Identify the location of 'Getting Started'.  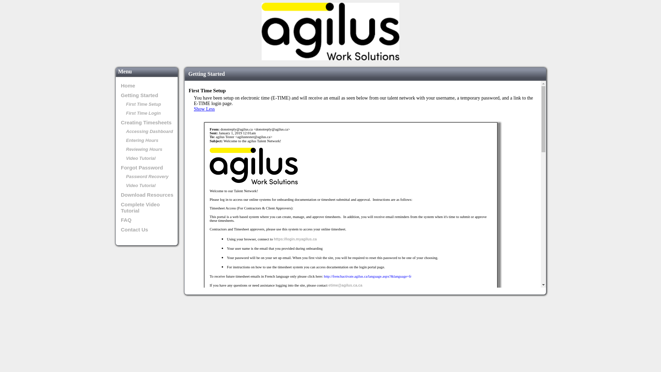
(139, 95).